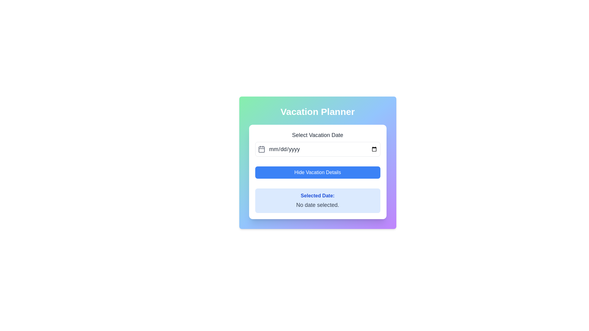  Describe the element at coordinates (318, 144) in the screenshot. I see `the 'Select Vacation Date' input field to trigger tooltip or focus effects` at that location.